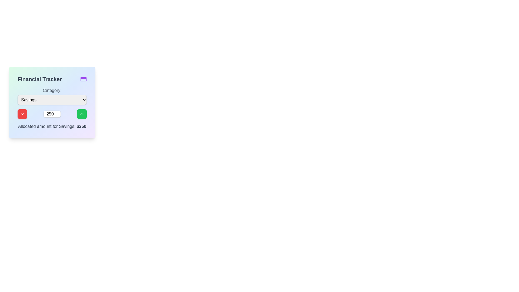  Describe the element at coordinates (22, 114) in the screenshot. I see `the decrement button located to the left of the numeric input box for visual feedback` at that location.